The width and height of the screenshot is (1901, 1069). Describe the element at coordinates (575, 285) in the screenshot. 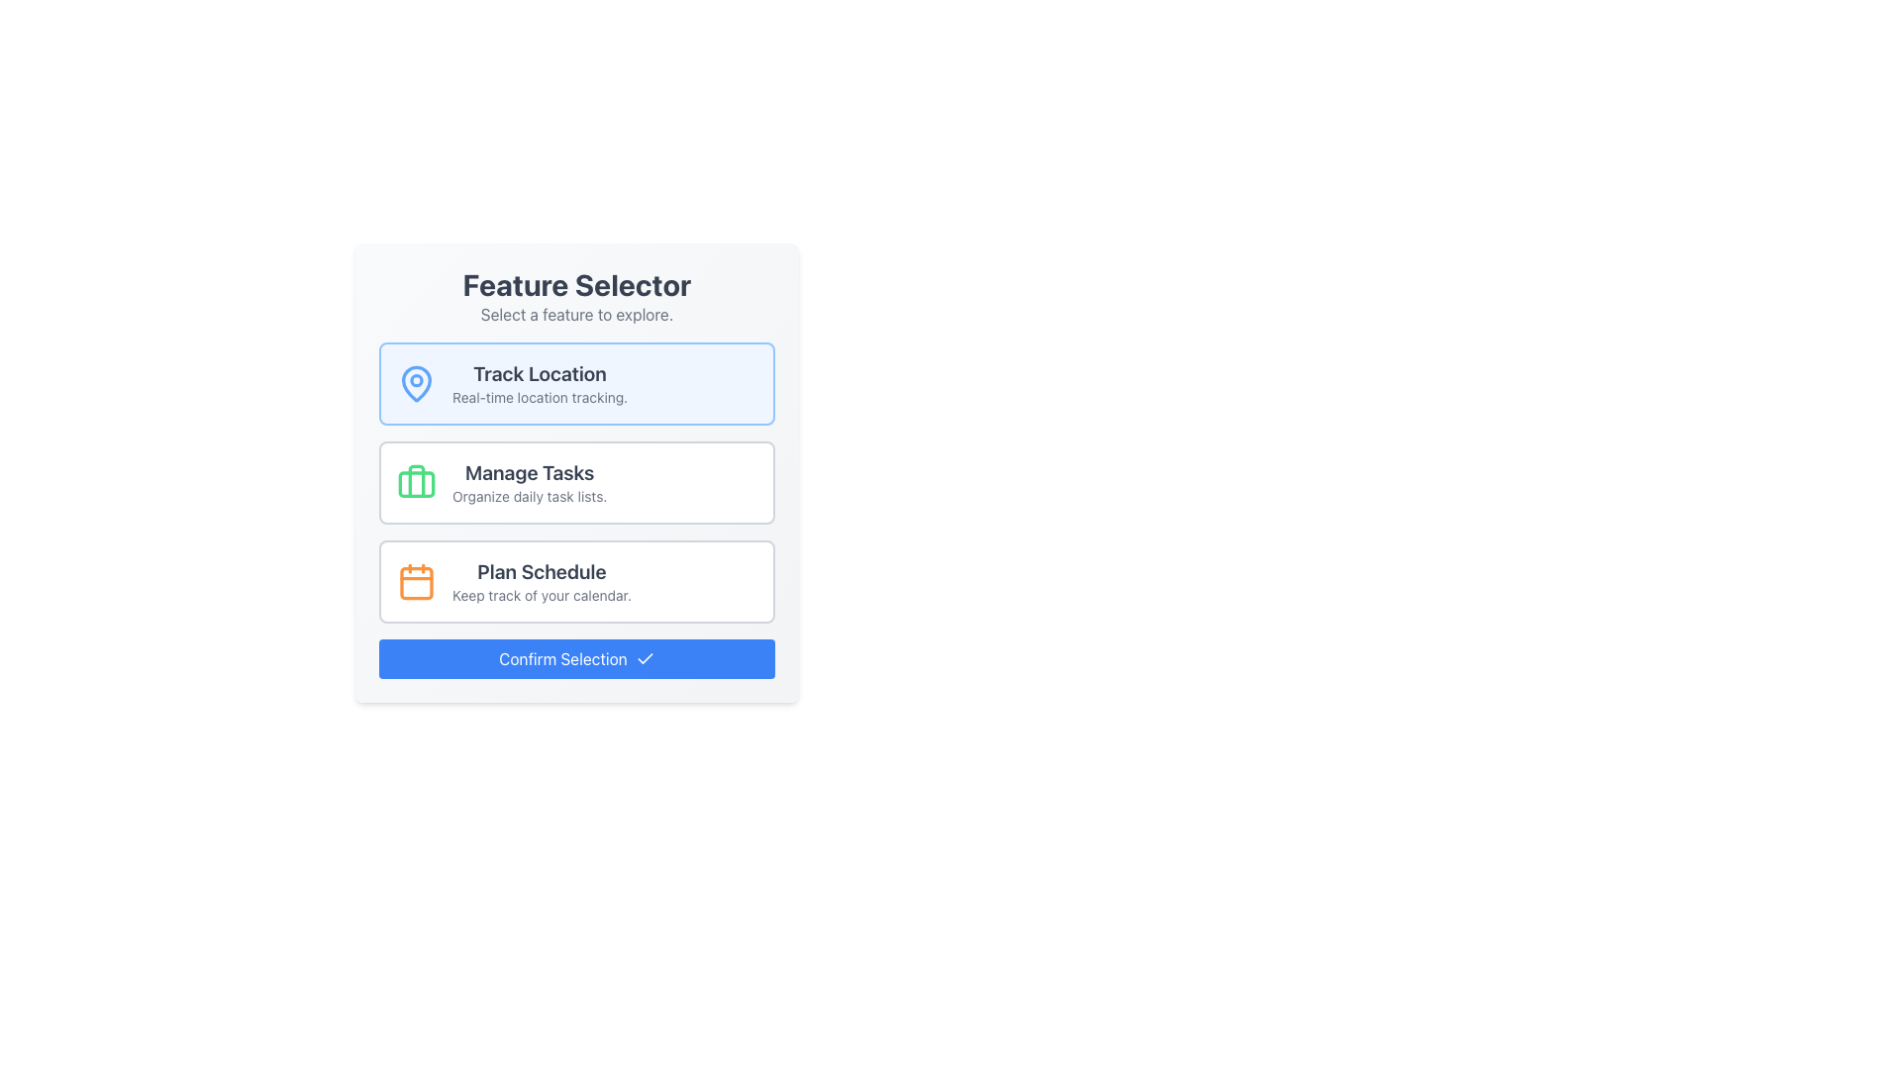

I see `Heading text located at the top of the card-like structure, above the subtitle 'Select a feature to explore.'` at that location.